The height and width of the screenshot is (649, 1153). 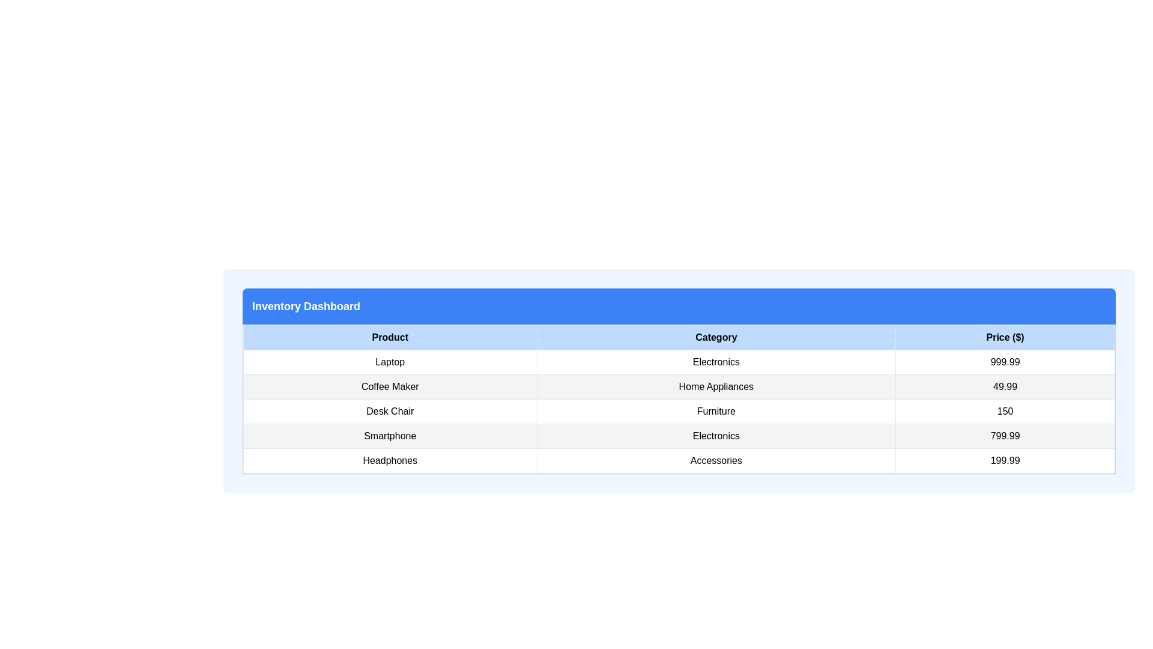 What do you see at coordinates (679, 436) in the screenshot?
I see `the fourth row in the 'Inventory Dashboard' table that displays product details including name, category, and price` at bounding box center [679, 436].